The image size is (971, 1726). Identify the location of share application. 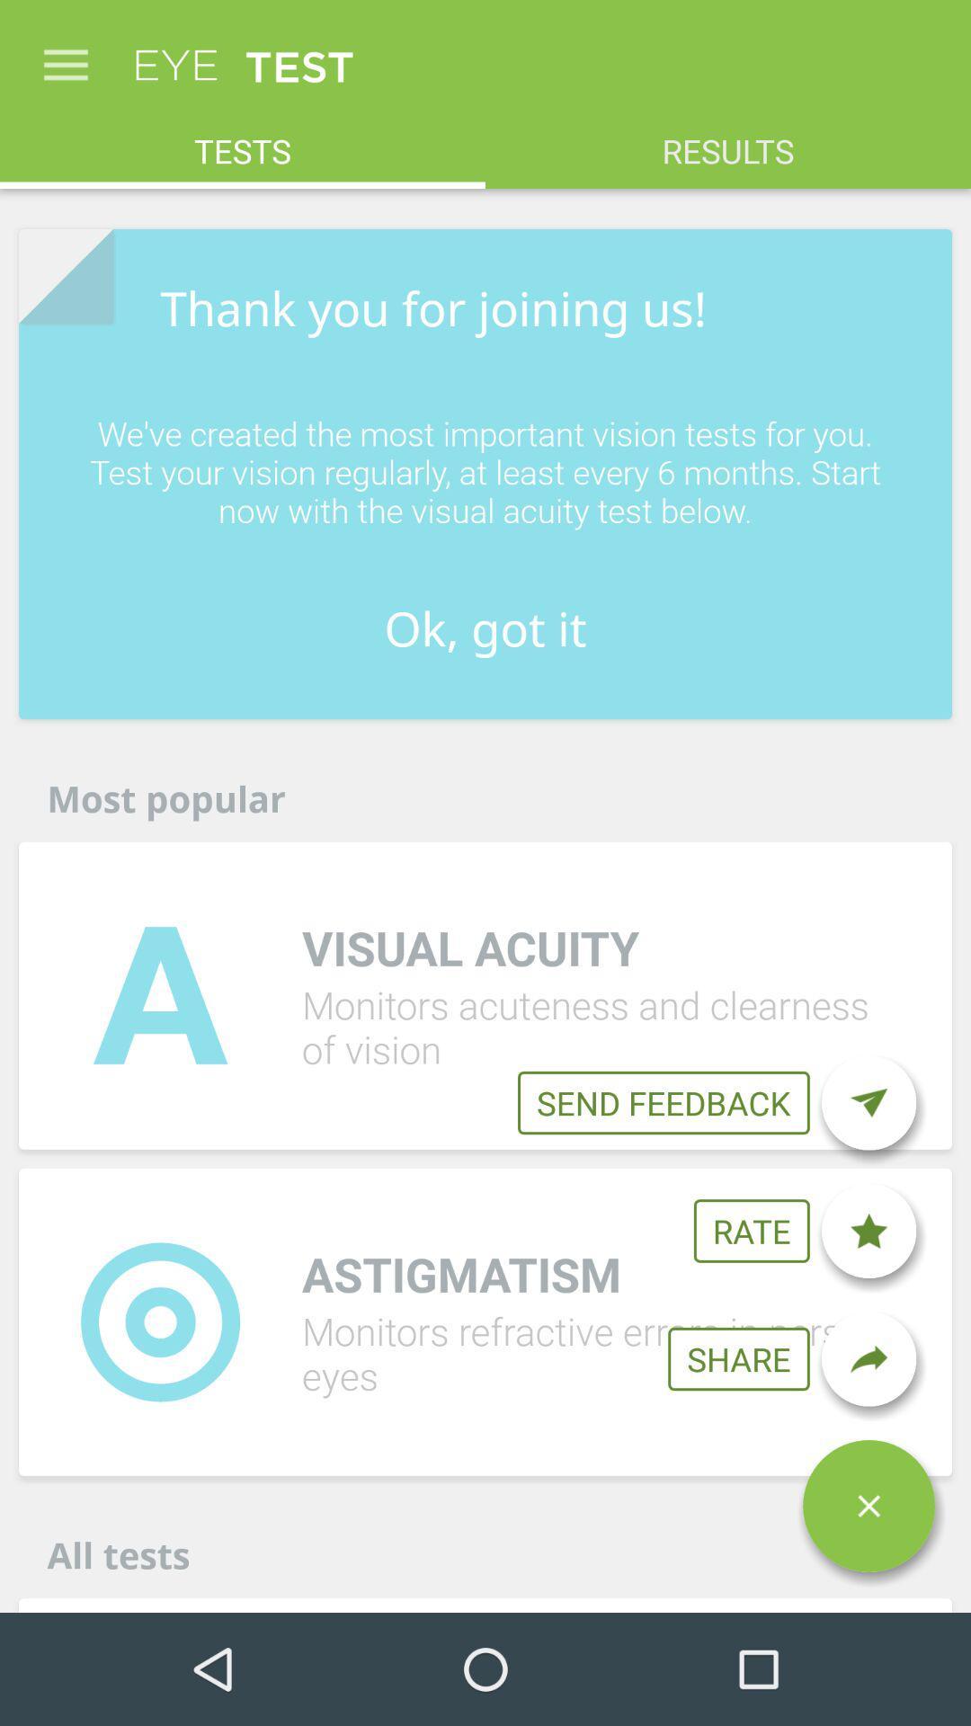
(868, 1359).